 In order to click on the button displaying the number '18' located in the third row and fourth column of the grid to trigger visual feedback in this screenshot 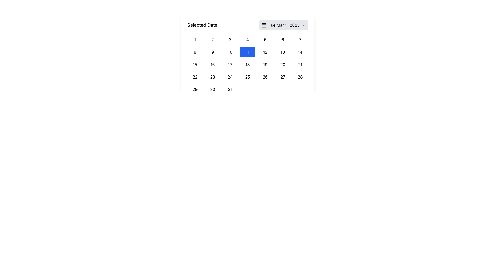, I will do `click(247, 64)`.